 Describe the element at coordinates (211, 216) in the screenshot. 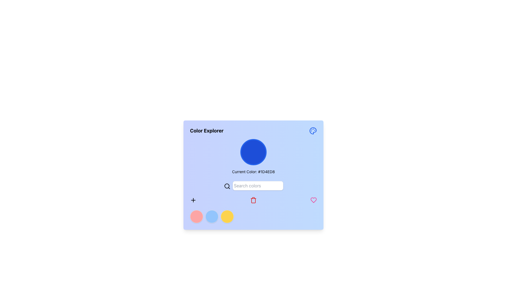

I see `the second circular color selection button located within the 'Color Explorer' section` at that location.